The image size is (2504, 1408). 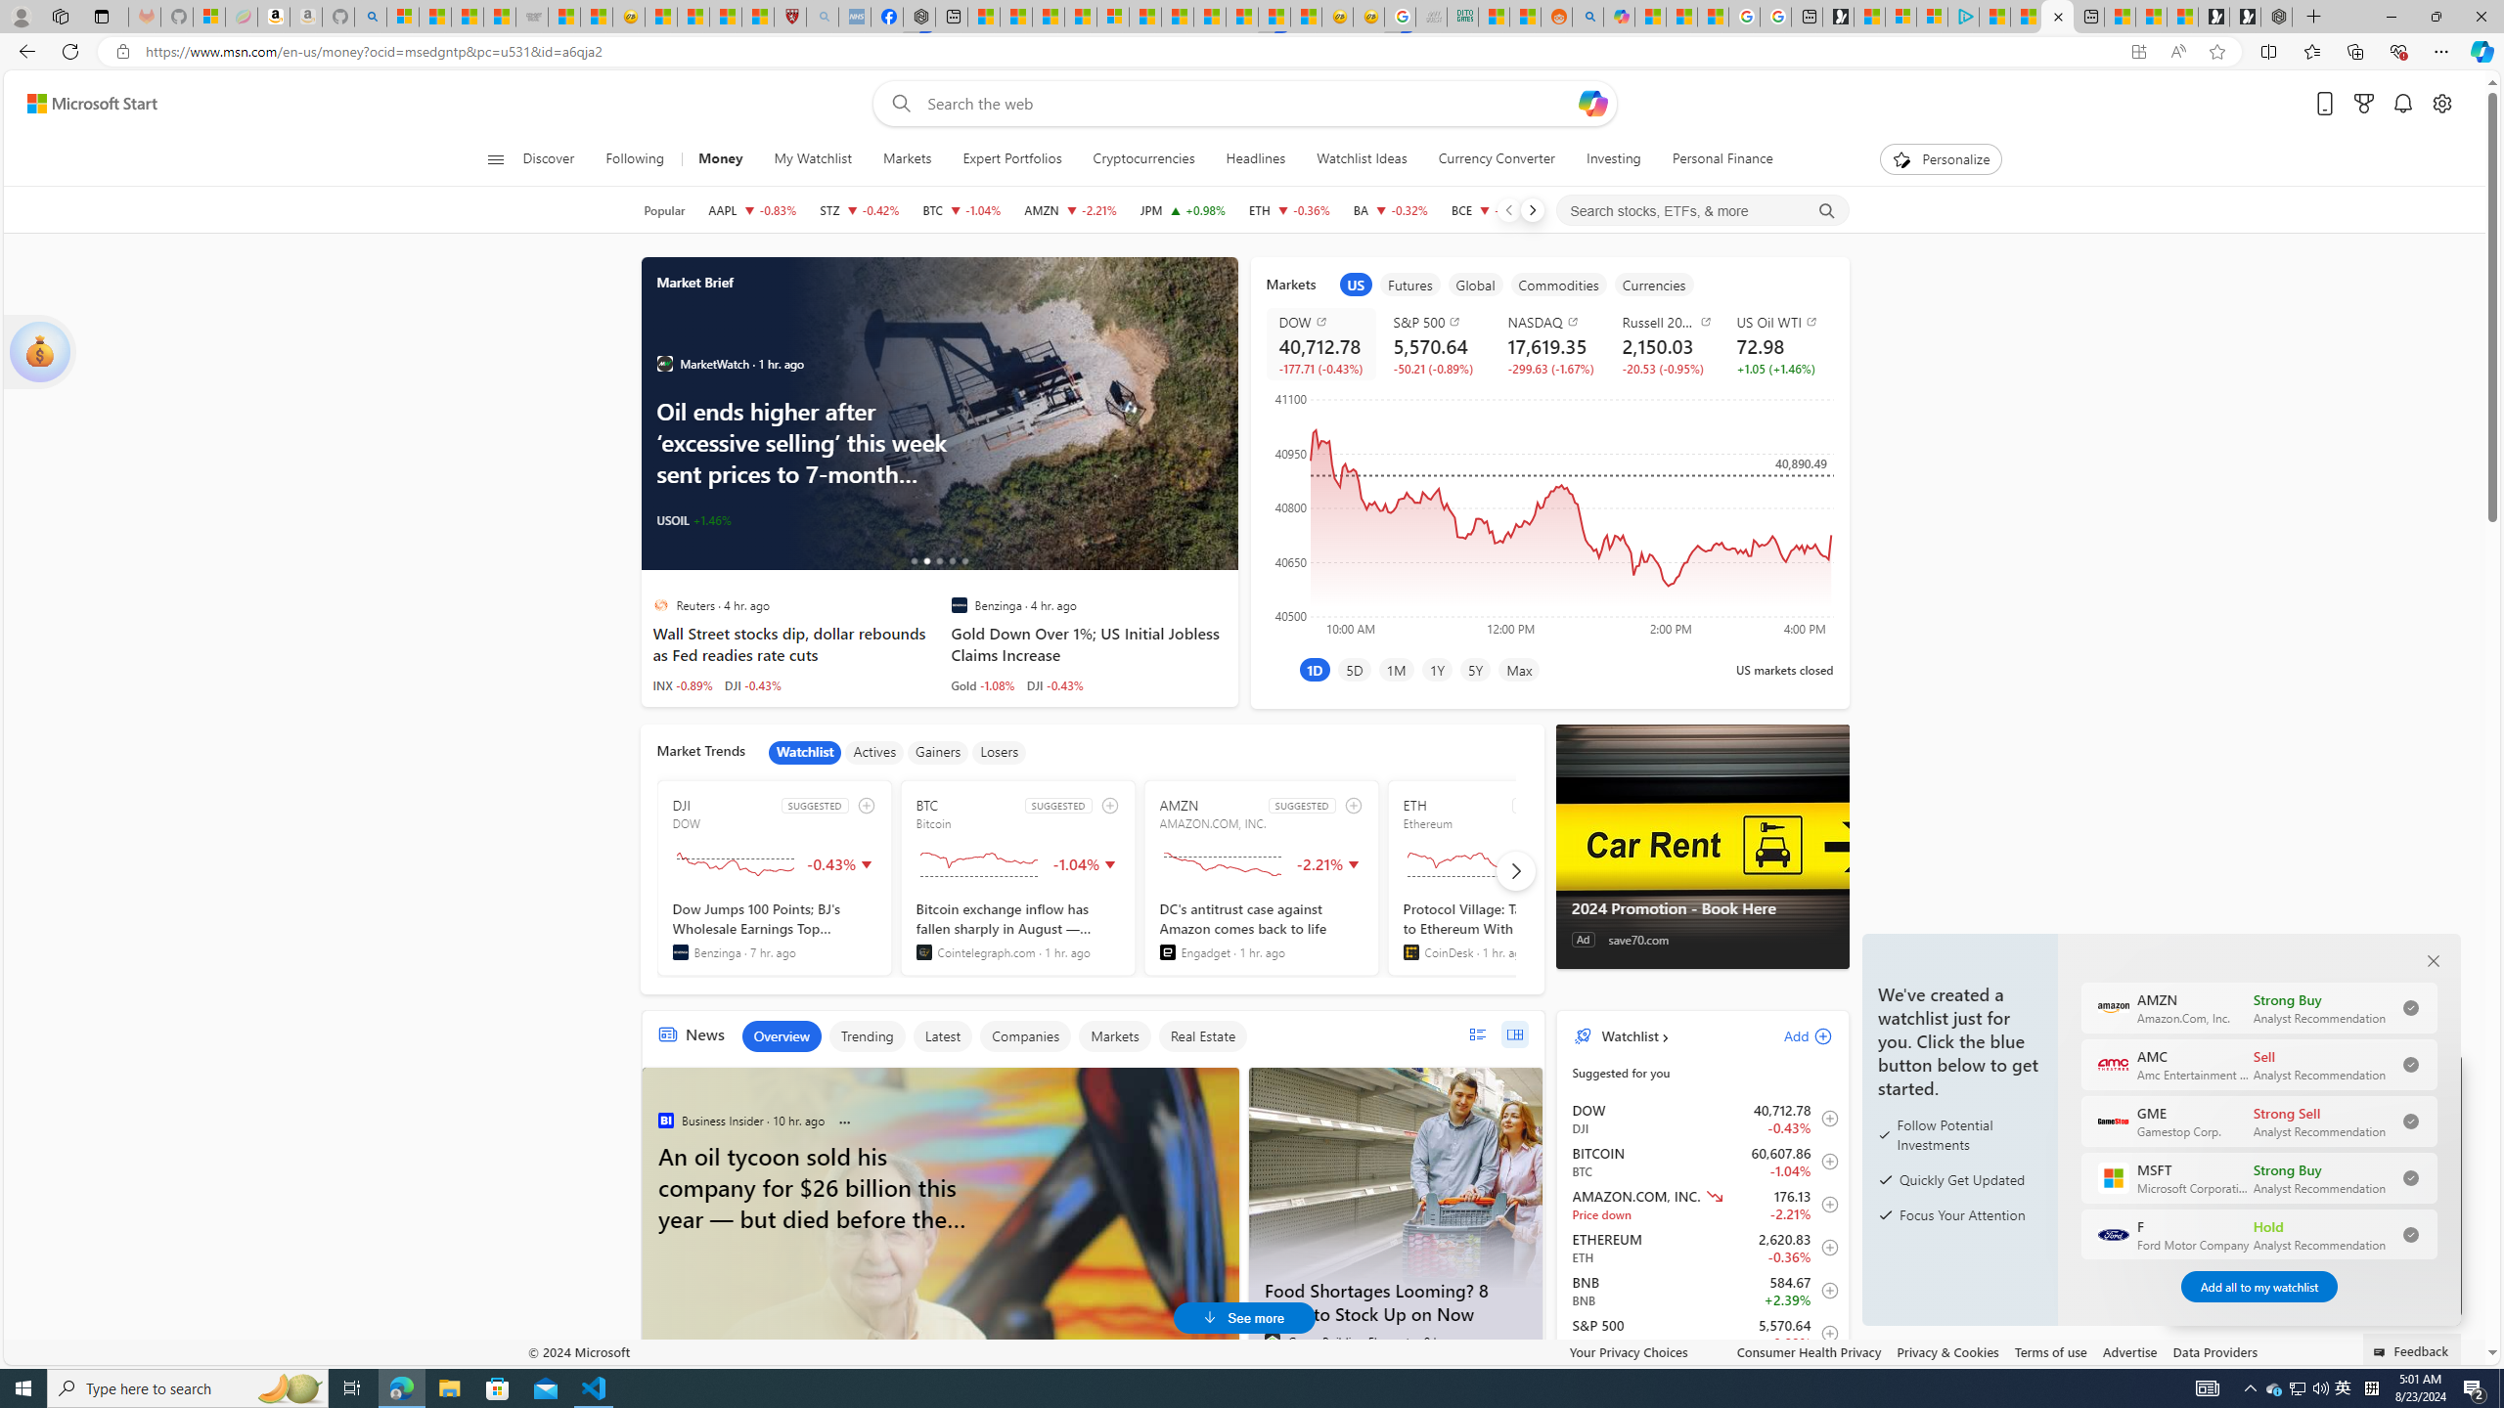 What do you see at coordinates (494, 157) in the screenshot?
I see `'Open navigation menu'` at bounding box center [494, 157].